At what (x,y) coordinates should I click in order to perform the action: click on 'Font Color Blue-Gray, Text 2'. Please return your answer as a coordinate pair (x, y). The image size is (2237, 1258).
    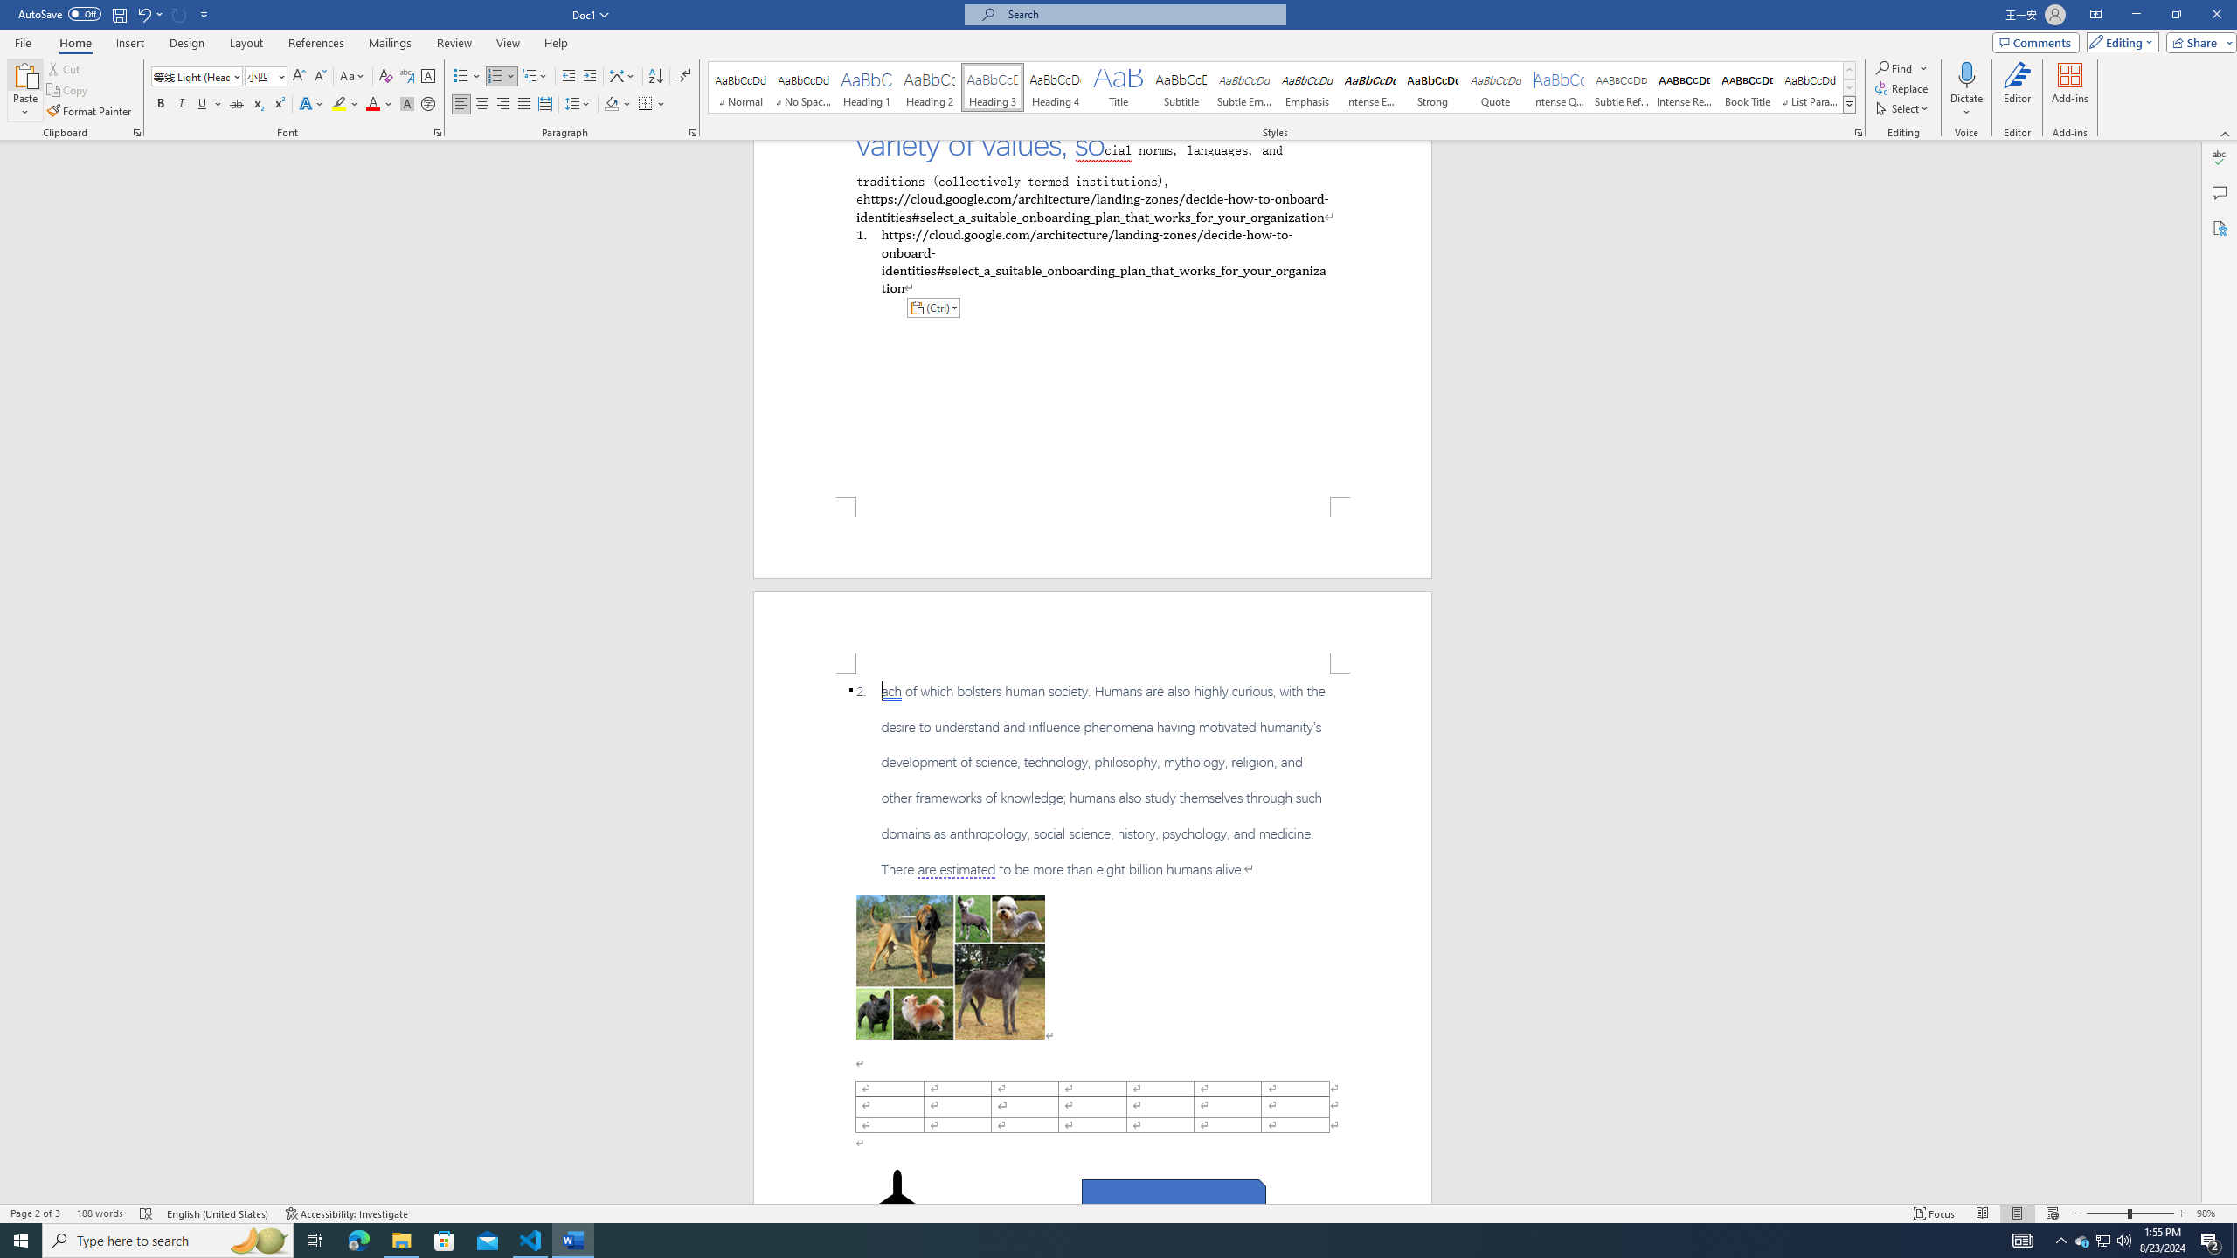
    Looking at the image, I should click on (371, 103).